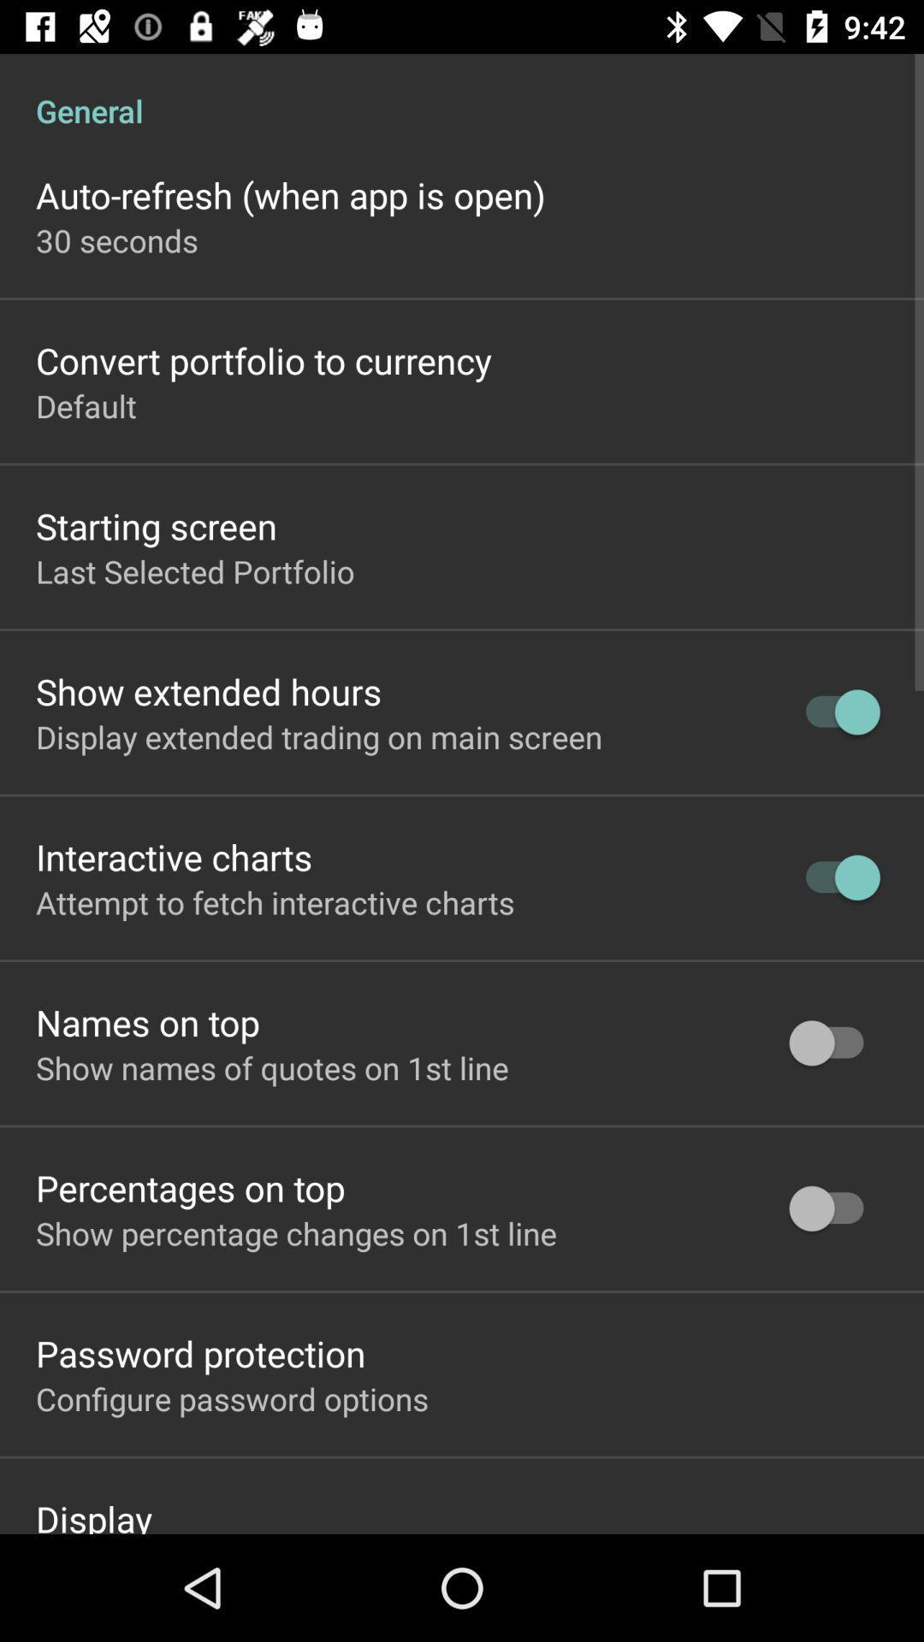 The image size is (924, 1642). Describe the element at coordinates (295, 1233) in the screenshot. I see `item above password protection app` at that location.